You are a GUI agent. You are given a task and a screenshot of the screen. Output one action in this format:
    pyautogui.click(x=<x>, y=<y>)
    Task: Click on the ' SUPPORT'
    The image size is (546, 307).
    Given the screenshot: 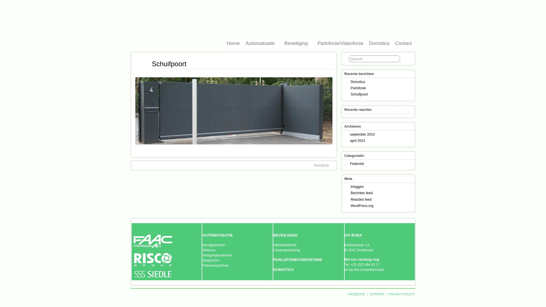 What is the action you would take?
    pyautogui.click(x=369, y=294)
    